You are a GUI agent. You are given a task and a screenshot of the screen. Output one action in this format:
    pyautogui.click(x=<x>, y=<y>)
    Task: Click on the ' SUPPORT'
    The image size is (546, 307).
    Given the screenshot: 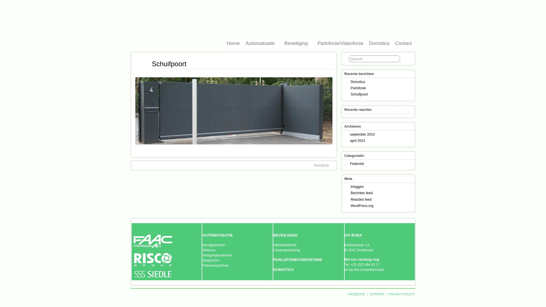 What is the action you would take?
    pyautogui.click(x=369, y=294)
    